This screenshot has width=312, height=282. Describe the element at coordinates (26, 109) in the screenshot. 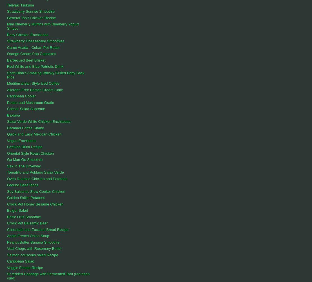

I see `'Caesar Salad Supreme'` at that location.